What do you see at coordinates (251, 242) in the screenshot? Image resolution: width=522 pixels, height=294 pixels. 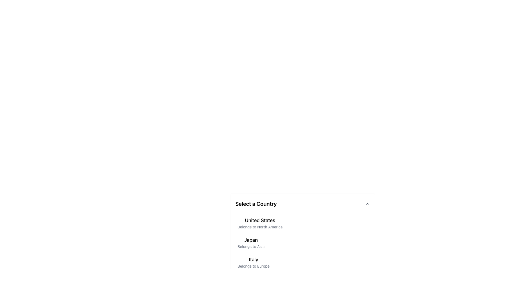 I see `the second selectable list item displaying 'Japan' with subtitle 'Belongs to Asia'` at bounding box center [251, 242].